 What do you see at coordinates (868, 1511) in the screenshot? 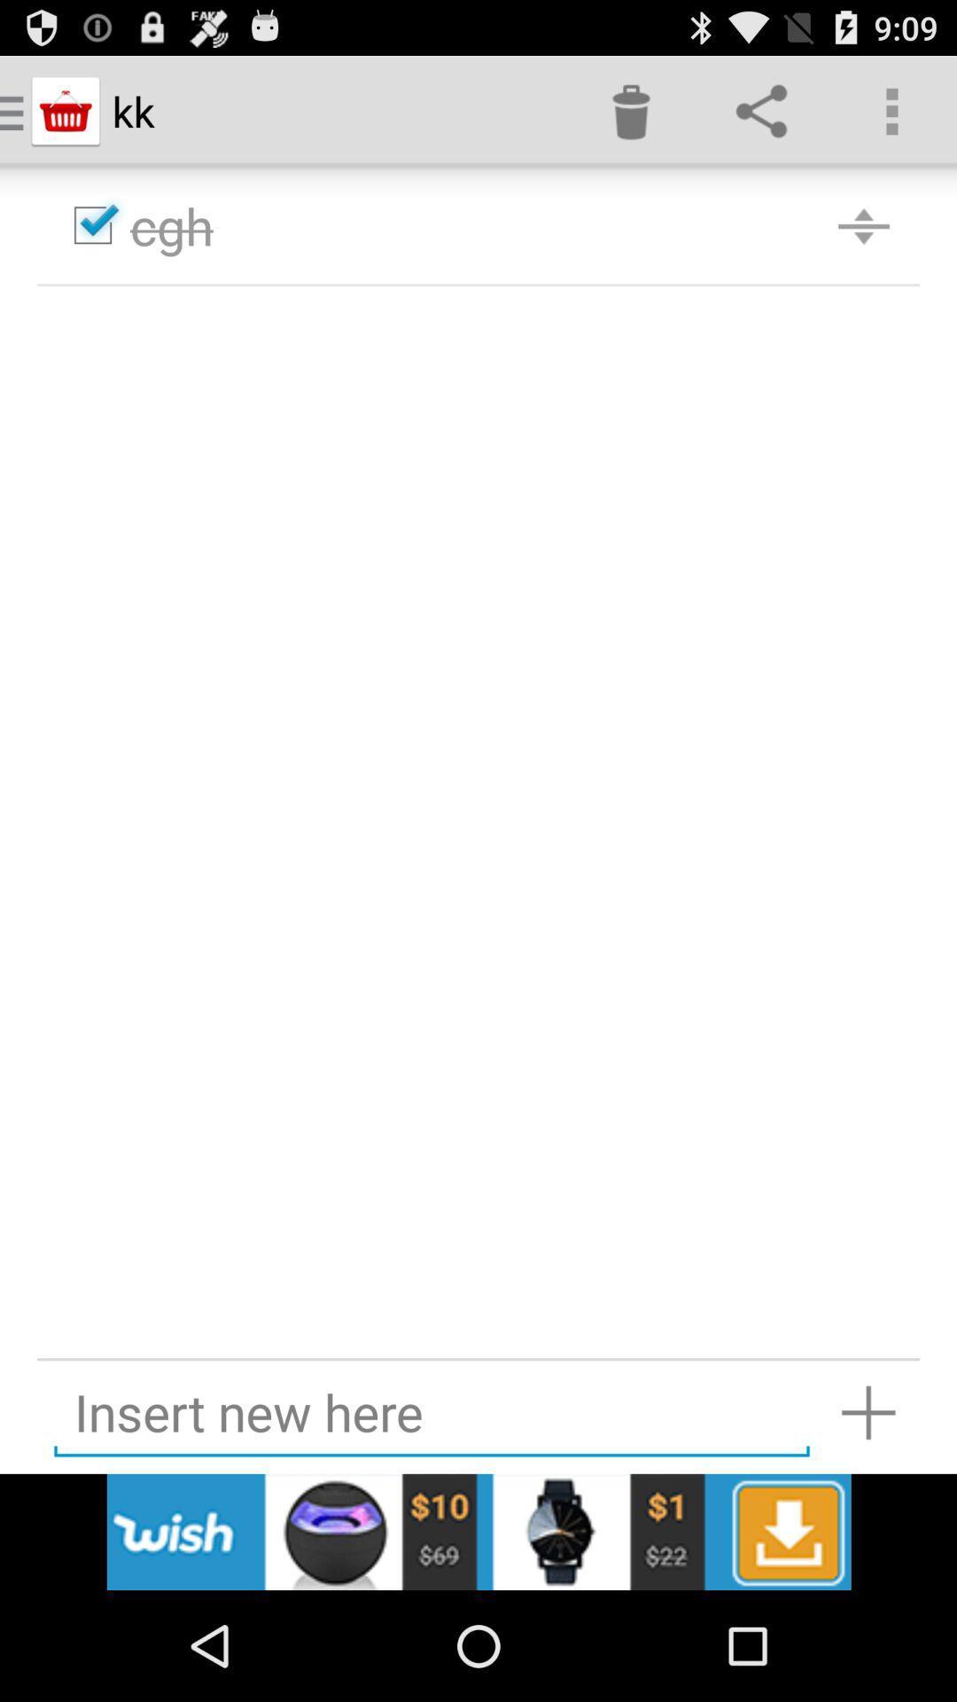
I see `the add icon` at bounding box center [868, 1511].